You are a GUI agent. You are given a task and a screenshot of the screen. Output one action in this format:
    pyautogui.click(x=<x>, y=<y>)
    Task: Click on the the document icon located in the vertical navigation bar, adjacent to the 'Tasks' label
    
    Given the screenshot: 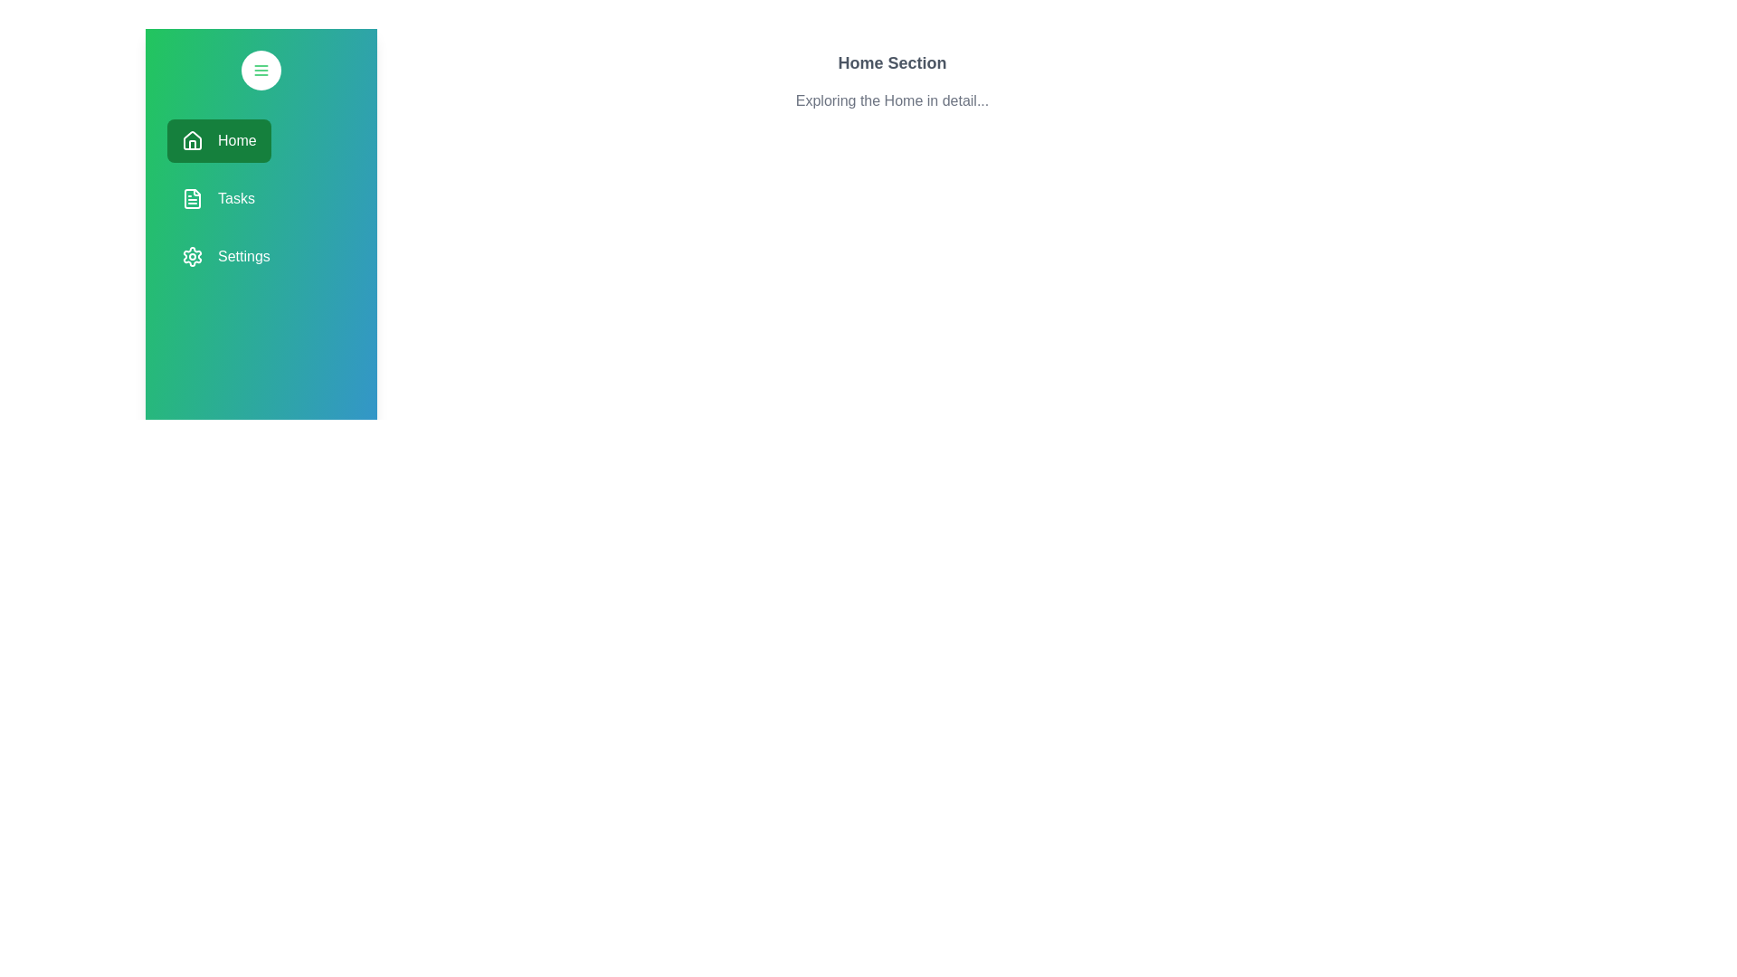 What is the action you would take?
    pyautogui.click(x=192, y=198)
    